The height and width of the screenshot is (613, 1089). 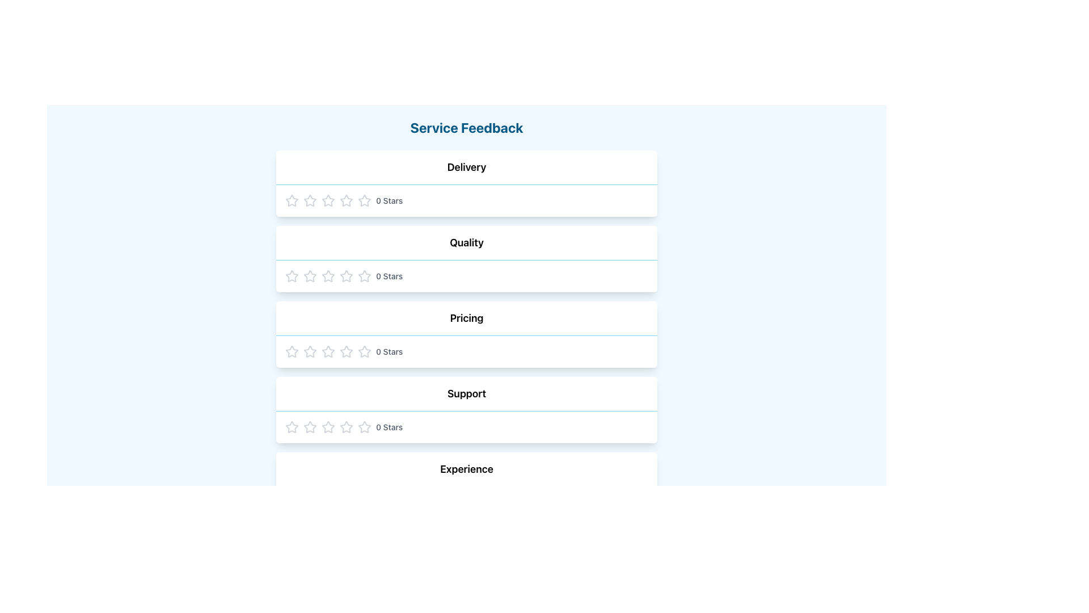 What do you see at coordinates (310, 351) in the screenshot?
I see `the second star-shaped rating icon in the Pricing category, which is part of a row of five stars` at bounding box center [310, 351].